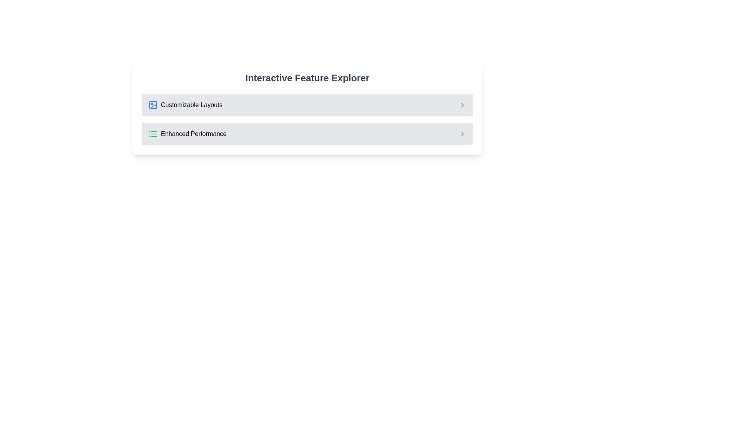 The width and height of the screenshot is (750, 422). I want to click on the 'Customizable Layouts' list item, which is the first item under the 'Interactive Feature Explorer' header, so click(185, 105).